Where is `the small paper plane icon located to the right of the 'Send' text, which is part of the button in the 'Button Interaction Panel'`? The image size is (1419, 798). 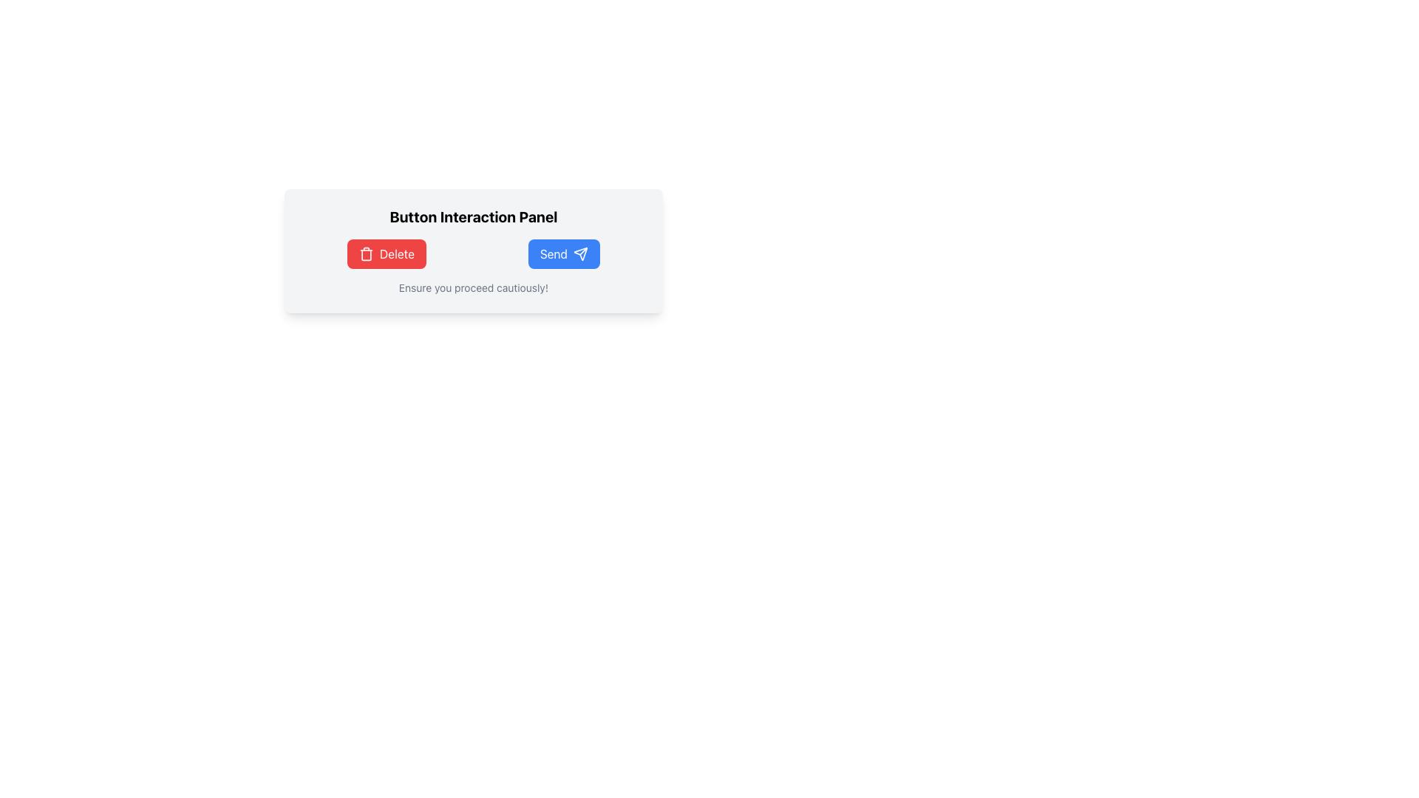
the small paper plane icon located to the right of the 'Send' text, which is part of the button in the 'Button Interaction Panel' is located at coordinates (580, 253).